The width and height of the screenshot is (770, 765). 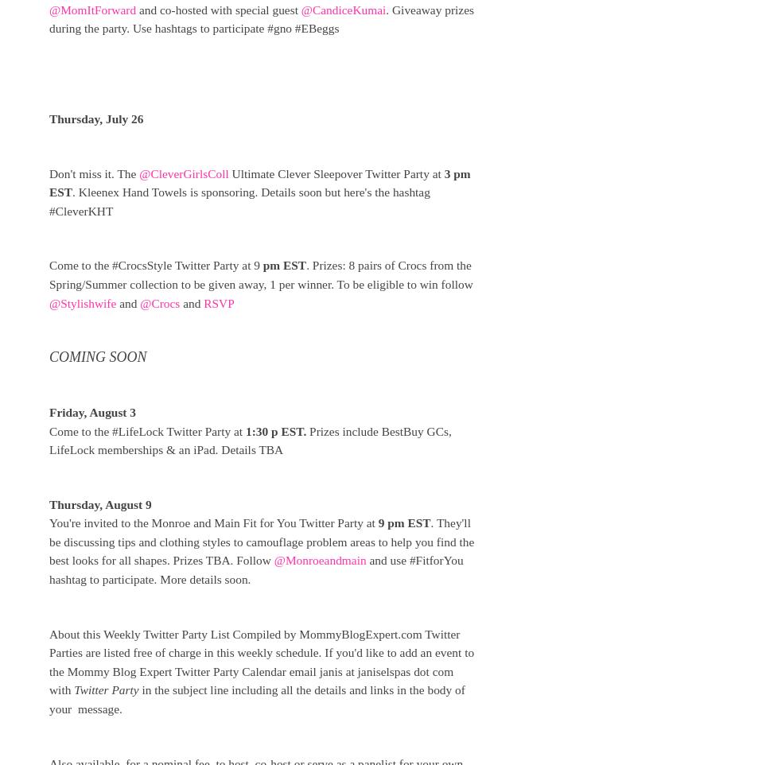 What do you see at coordinates (262, 17) in the screenshot?
I see `'. Giveaway prizes during the party. Use hashtags to participate #gno #EBeggs'` at bounding box center [262, 17].